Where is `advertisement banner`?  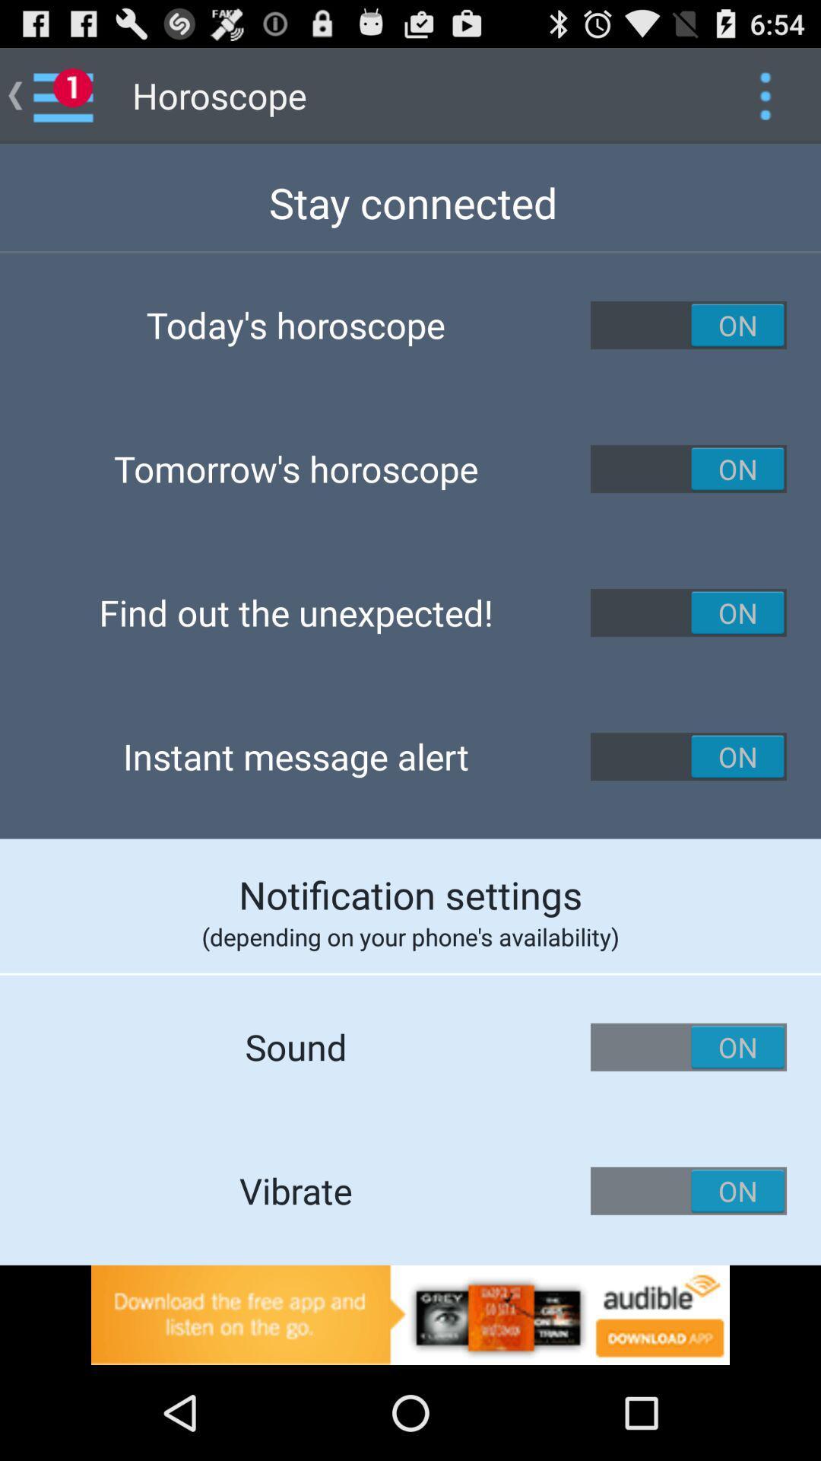 advertisement banner is located at coordinates (410, 1314).